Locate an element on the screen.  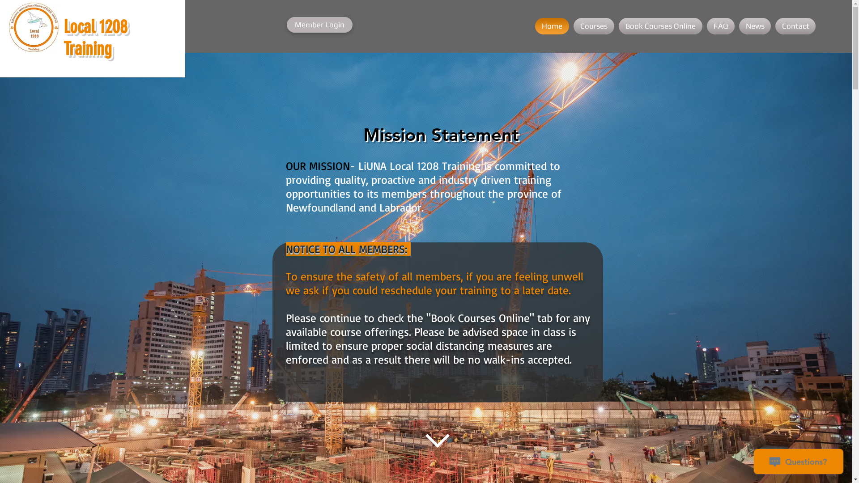
'News' is located at coordinates (754, 25).